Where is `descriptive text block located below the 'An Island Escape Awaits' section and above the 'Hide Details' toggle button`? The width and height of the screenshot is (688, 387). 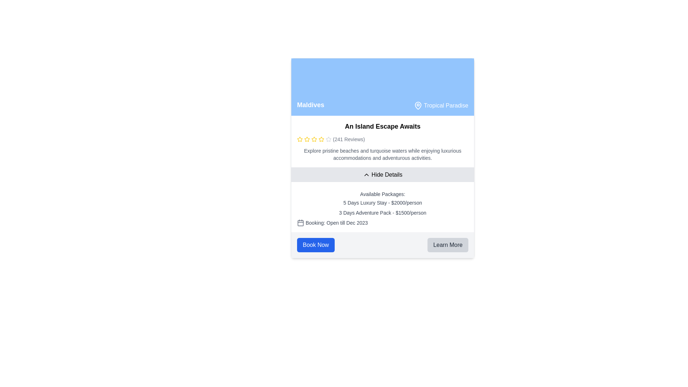 descriptive text block located below the 'An Island Escape Awaits' section and above the 'Hide Details' toggle button is located at coordinates (382, 154).